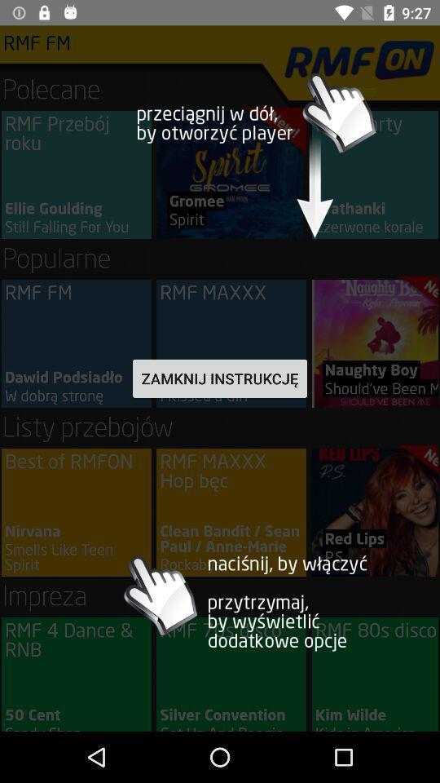 This screenshot has width=440, height=783. I want to click on the icon at the center, so click(220, 378).